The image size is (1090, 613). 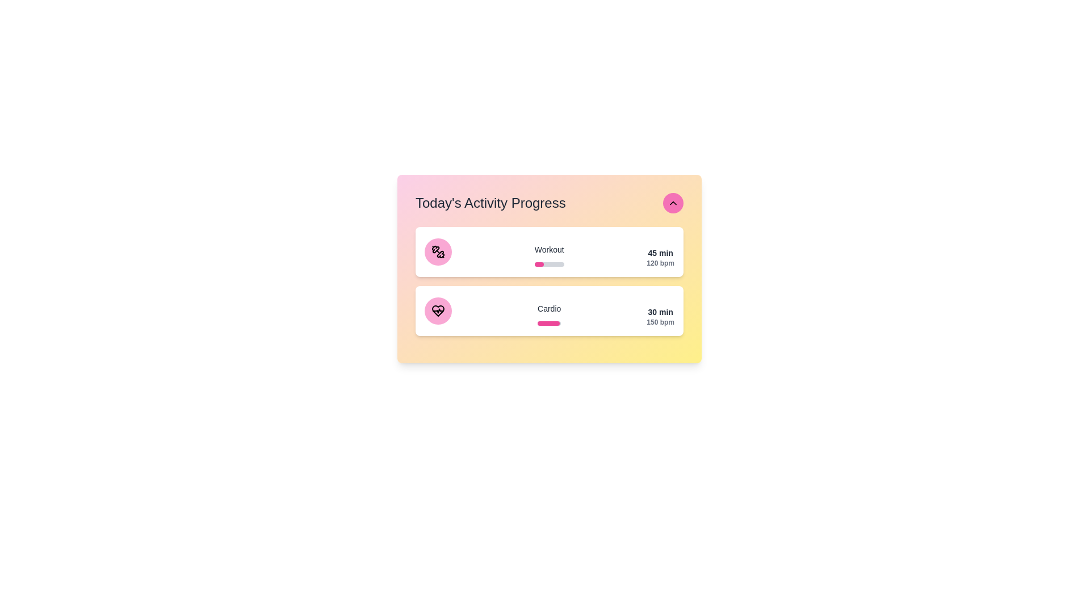 What do you see at coordinates (438, 310) in the screenshot?
I see `the details of the cardio activity icon located on the left side of the second activity card in the vertically stacked list, below the workout card` at bounding box center [438, 310].